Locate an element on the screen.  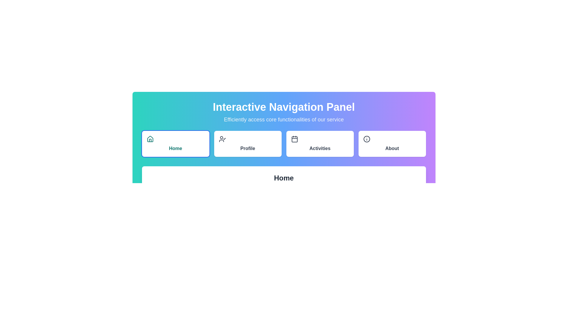
the text label that states 'Efficiently access core functionalities of our service', which is styled with a light gray font color on a gradient background transitioning from teal to purple, located below the 'Interactive Navigation Panel' is located at coordinates (283, 120).